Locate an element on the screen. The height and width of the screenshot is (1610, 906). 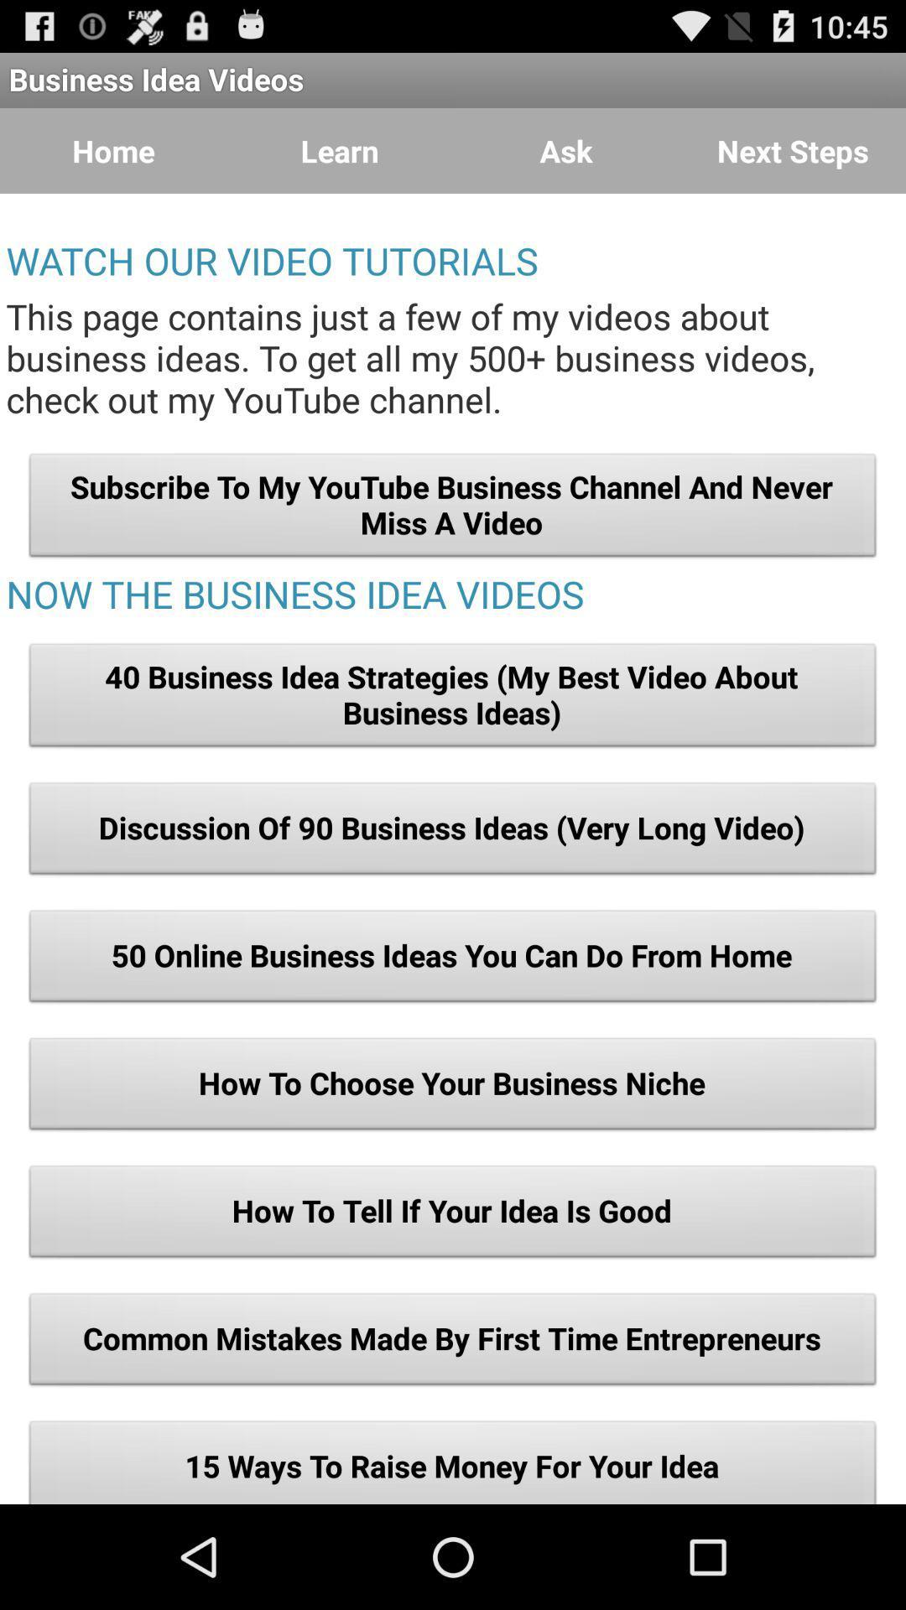
icon to the right of learn icon is located at coordinates (566, 151).